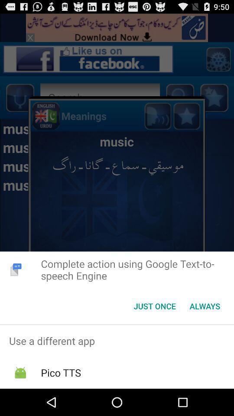 Image resolution: width=234 pixels, height=416 pixels. What do you see at coordinates (205, 306) in the screenshot?
I see `button to the right of the just once button` at bounding box center [205, 306].